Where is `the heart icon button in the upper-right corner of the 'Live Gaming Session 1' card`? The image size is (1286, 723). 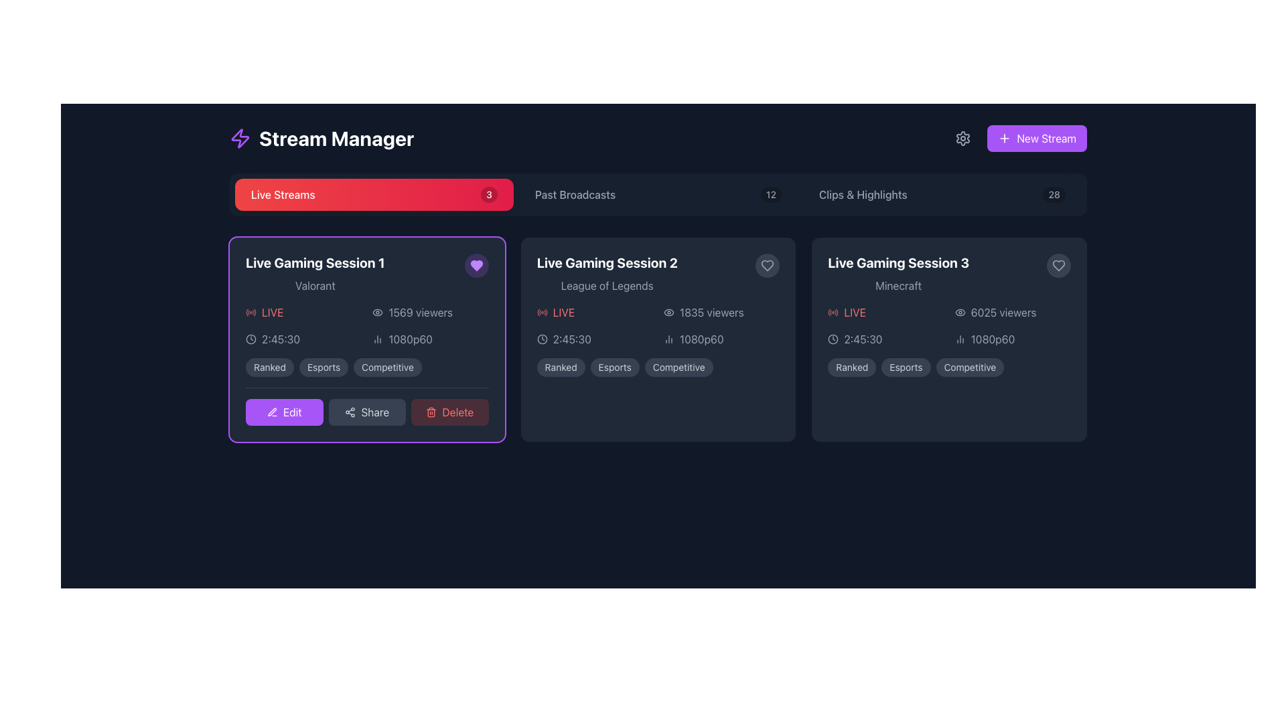 the heart icon button in the upper-right corner of the 'Live Gaming Session 1' card is located at coordinates (476, 266).